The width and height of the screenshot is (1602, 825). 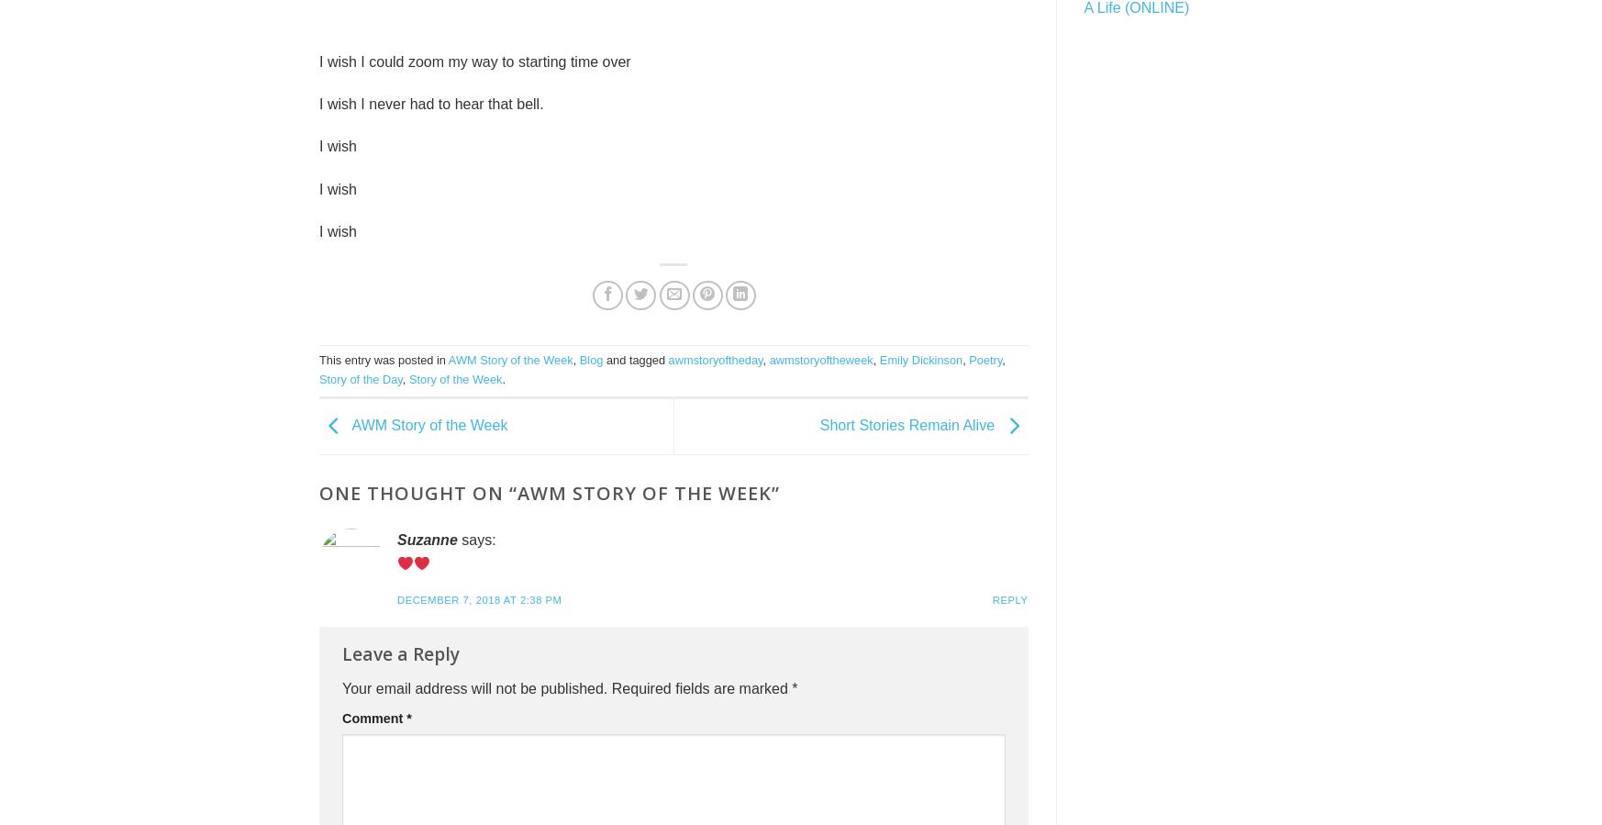 I want to click on 'I wish I could zoom my way to starting time over', so click(x=474, y=60).